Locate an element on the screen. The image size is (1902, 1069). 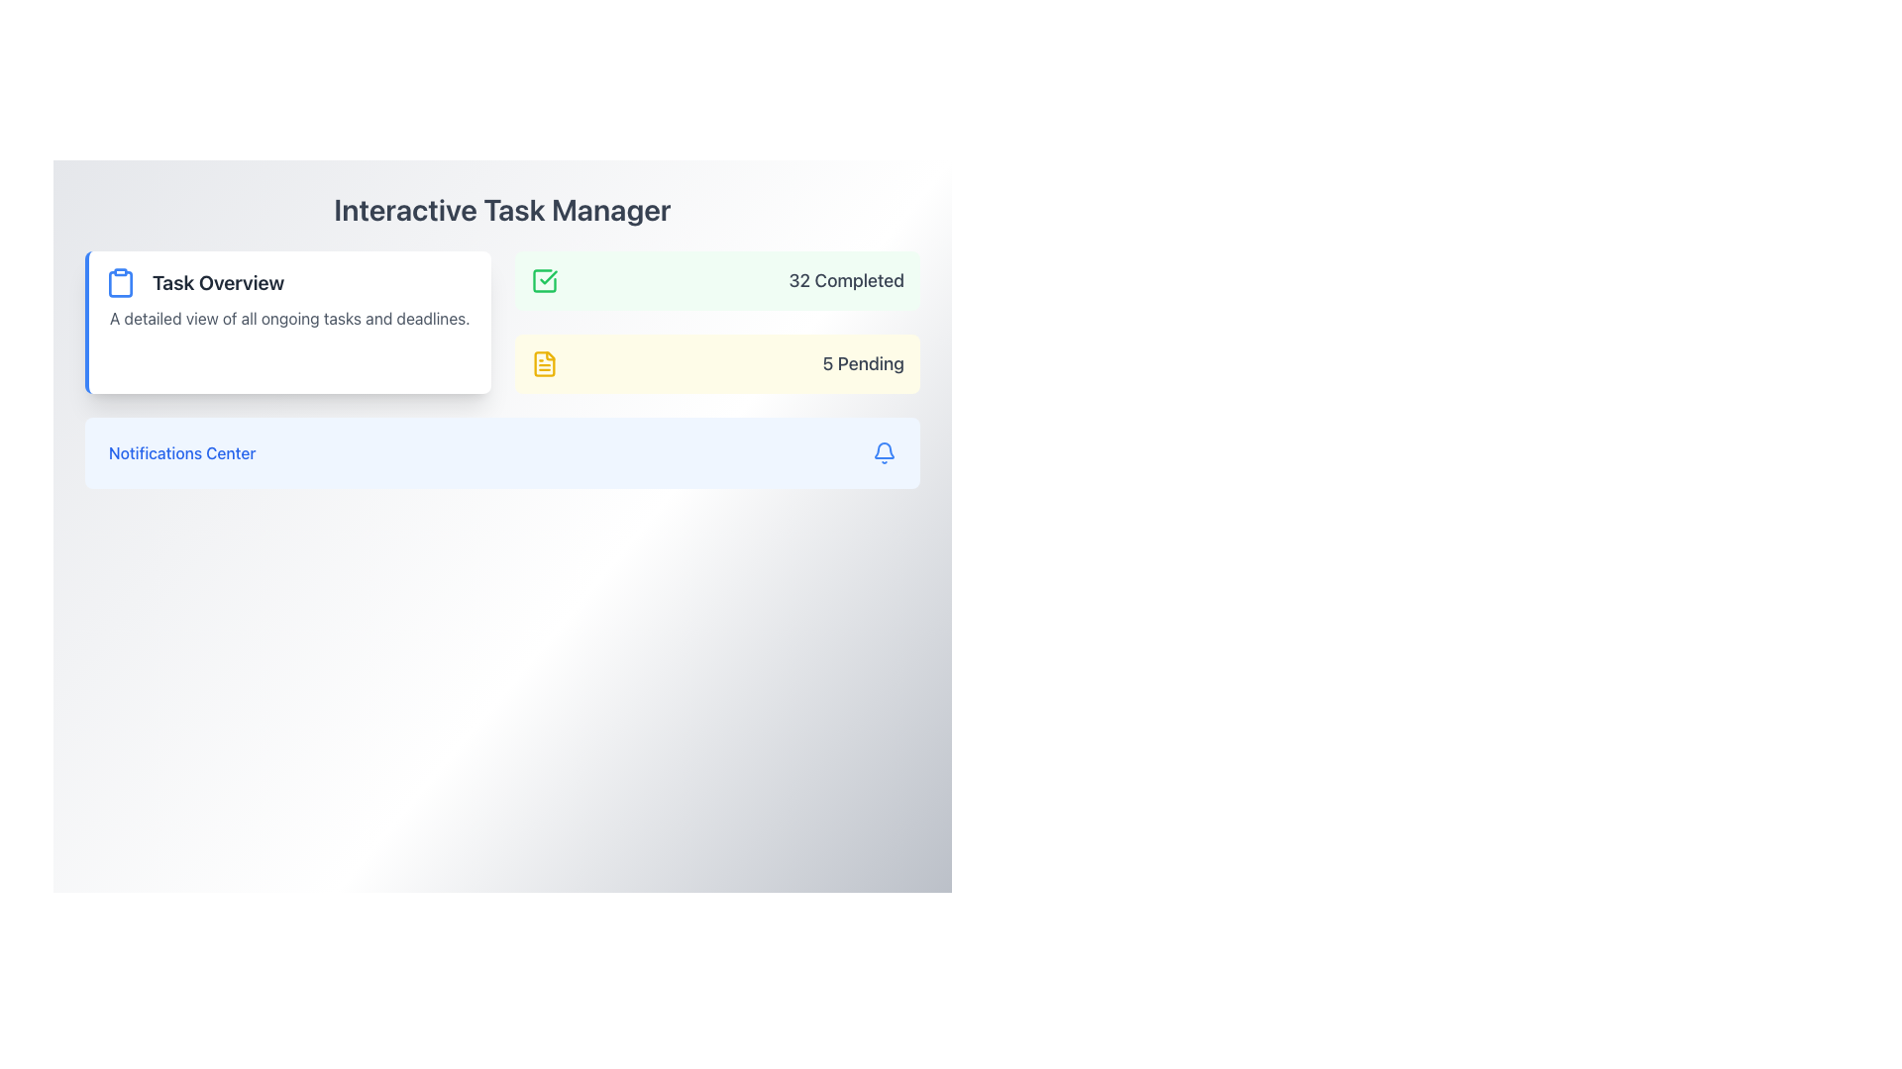
the bell icon located in the Notifications Center is located at coordinates (883, 453).